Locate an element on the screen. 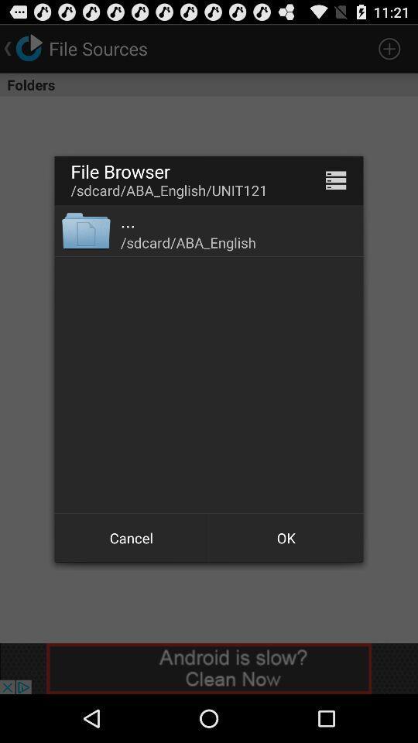 The height and width of the screenshot is (743, 418). ... icon is located at coordinates (127, 220).